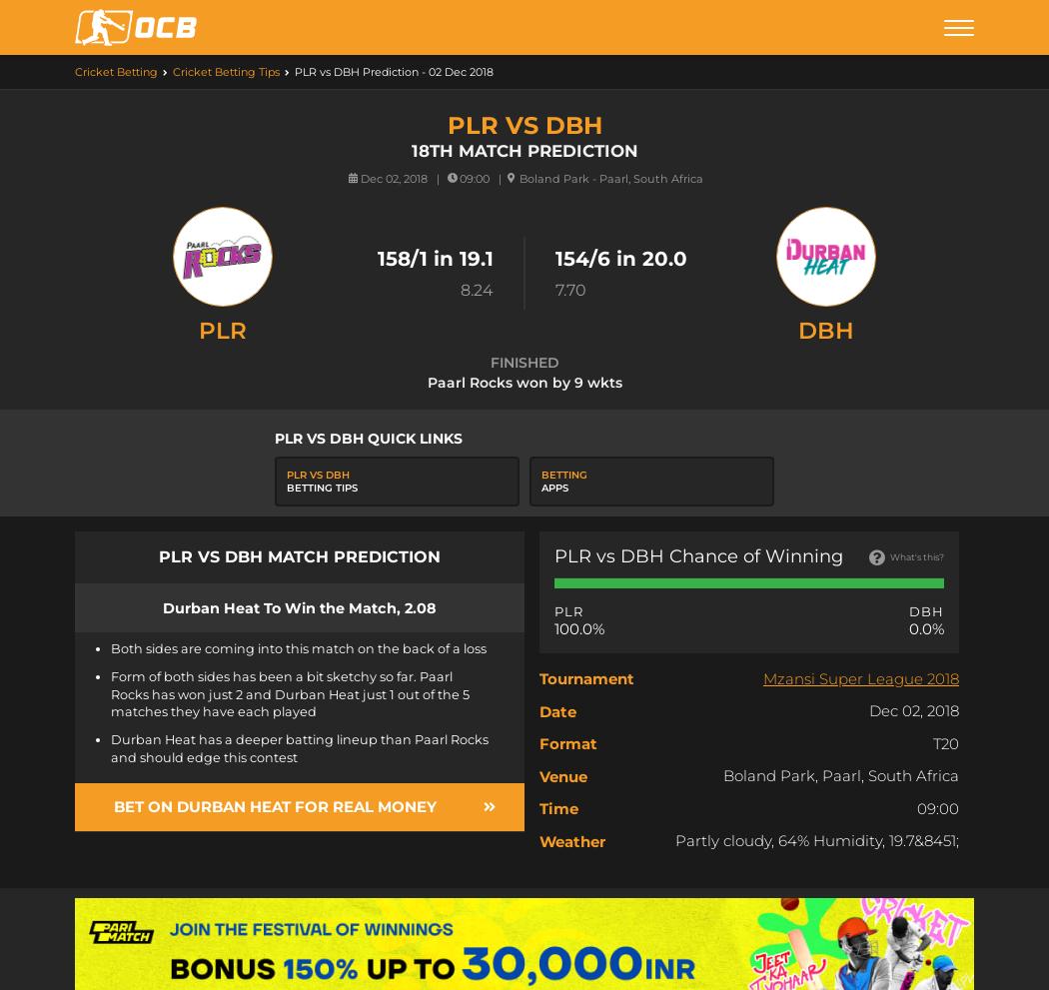 The height and width of the screenshot is (990, 1049). What do you see at coordinates (322, 487) in the screenshot?
I see `'Betting Tips'` at bounding box center [322, 487].